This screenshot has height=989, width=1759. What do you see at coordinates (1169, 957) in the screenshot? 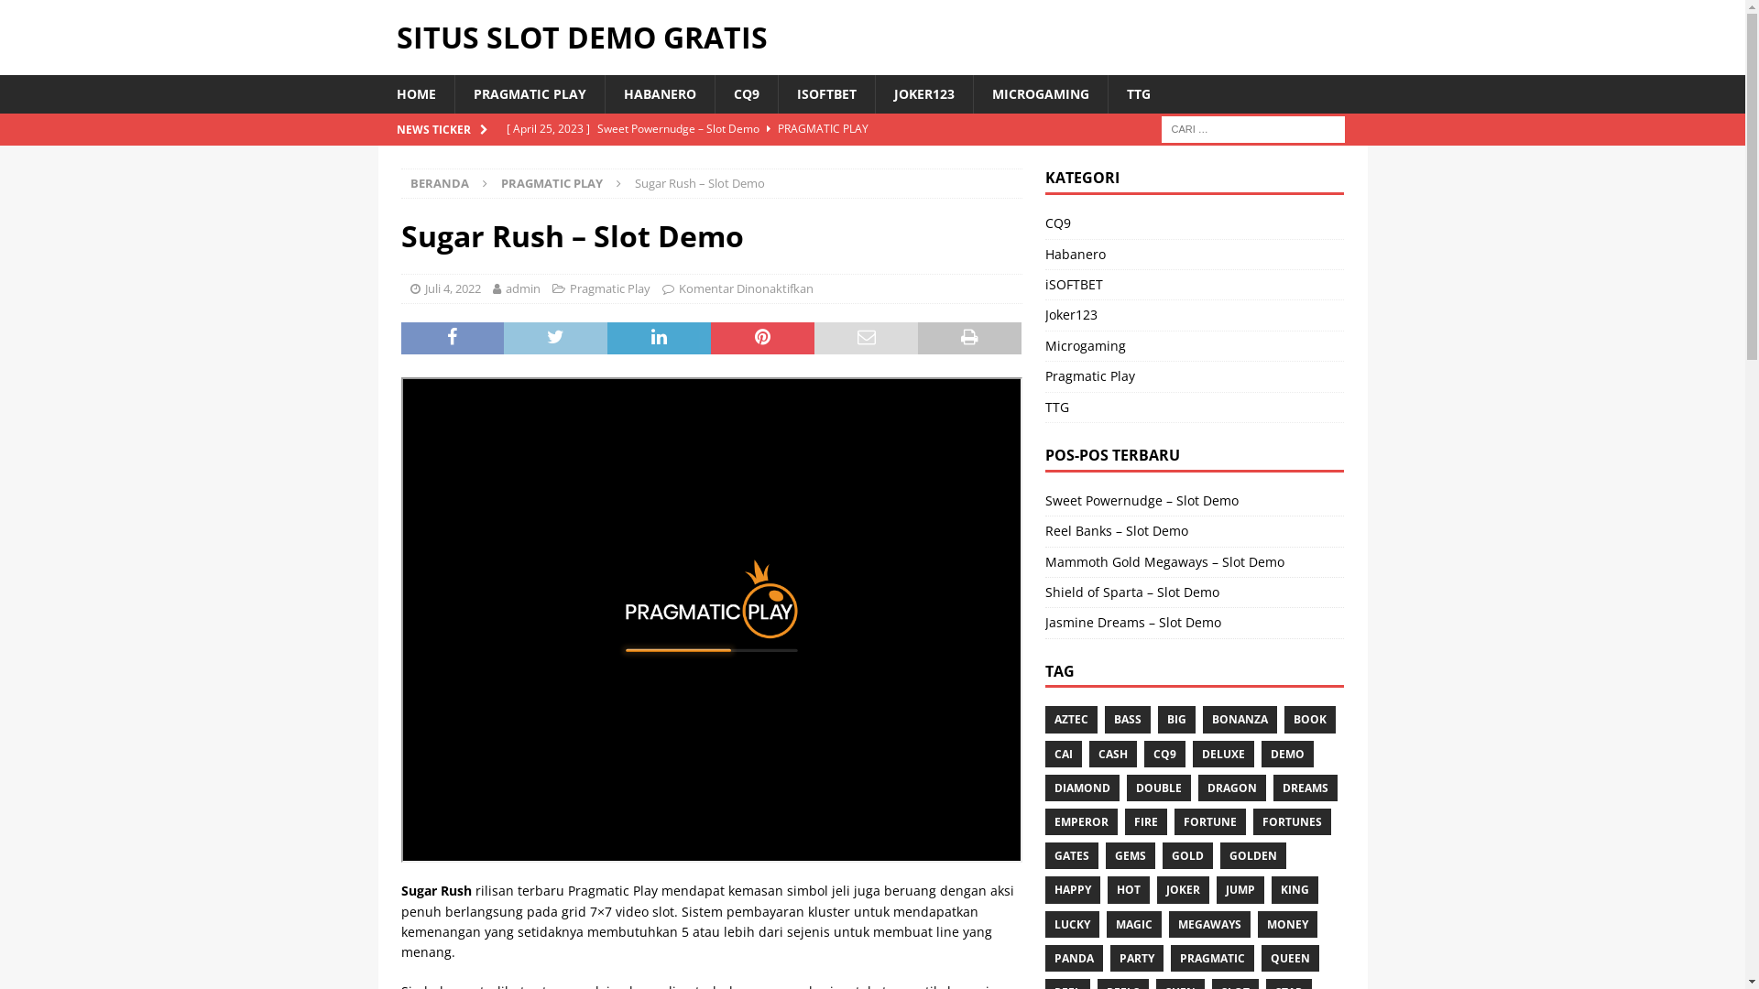
I see `'PRAGMATIC'` at bounding box center [1169, 957].